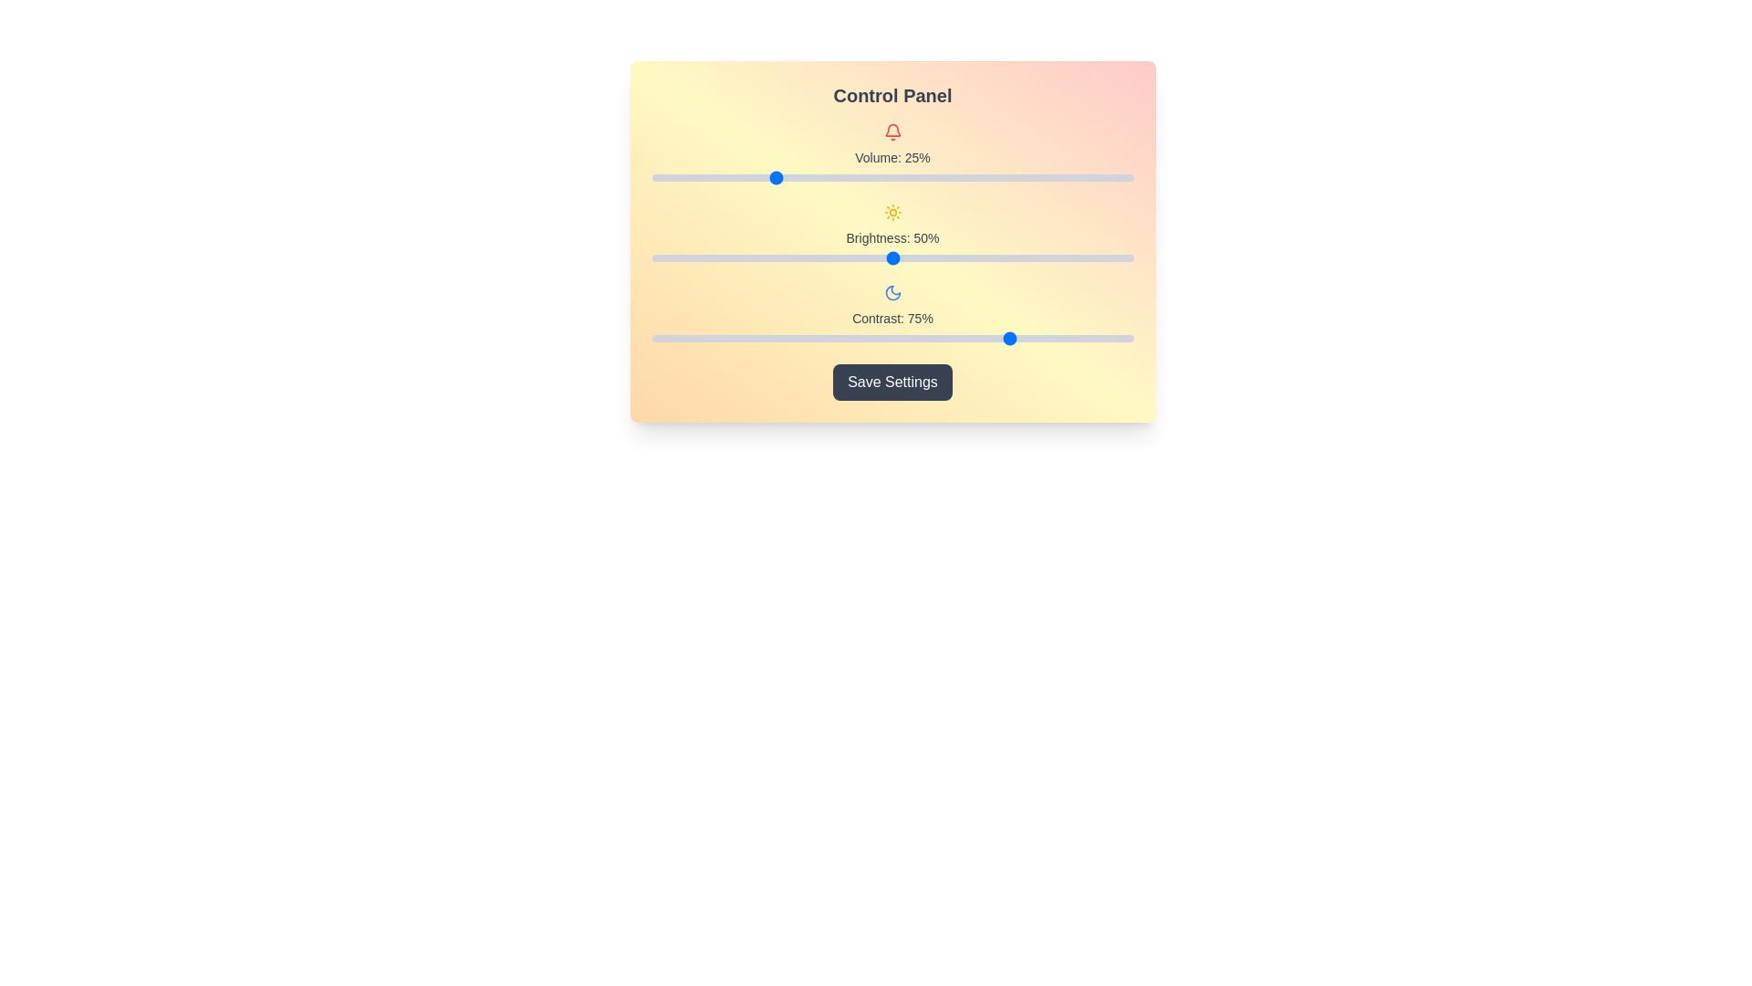 The height and width of the screenshot is (986, 1752). Describe the element at coordinates (694, 178) in the screenshot. I see `the volume` at that location.